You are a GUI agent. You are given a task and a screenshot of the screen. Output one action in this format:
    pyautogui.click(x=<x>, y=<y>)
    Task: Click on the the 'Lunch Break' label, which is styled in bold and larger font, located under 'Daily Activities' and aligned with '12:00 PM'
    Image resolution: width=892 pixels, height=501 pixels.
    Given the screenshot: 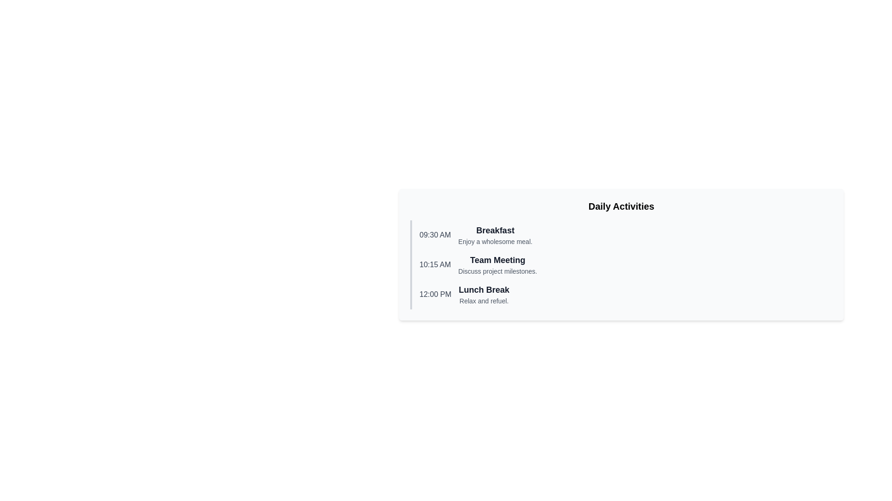 What is the action you would take?
    pyautogui.click(x=483, y=289)
    